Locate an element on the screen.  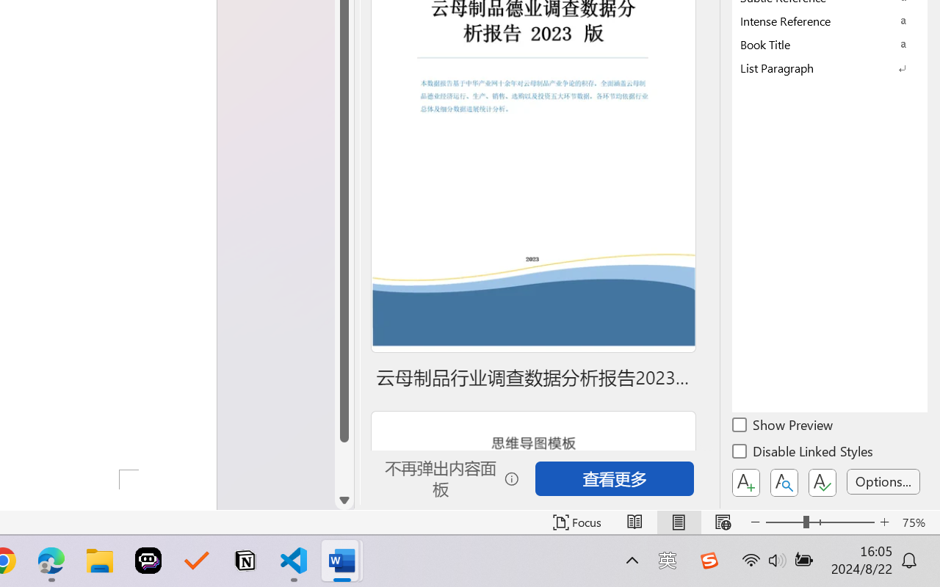
'Focus ' is located at coordinates (576, 522).